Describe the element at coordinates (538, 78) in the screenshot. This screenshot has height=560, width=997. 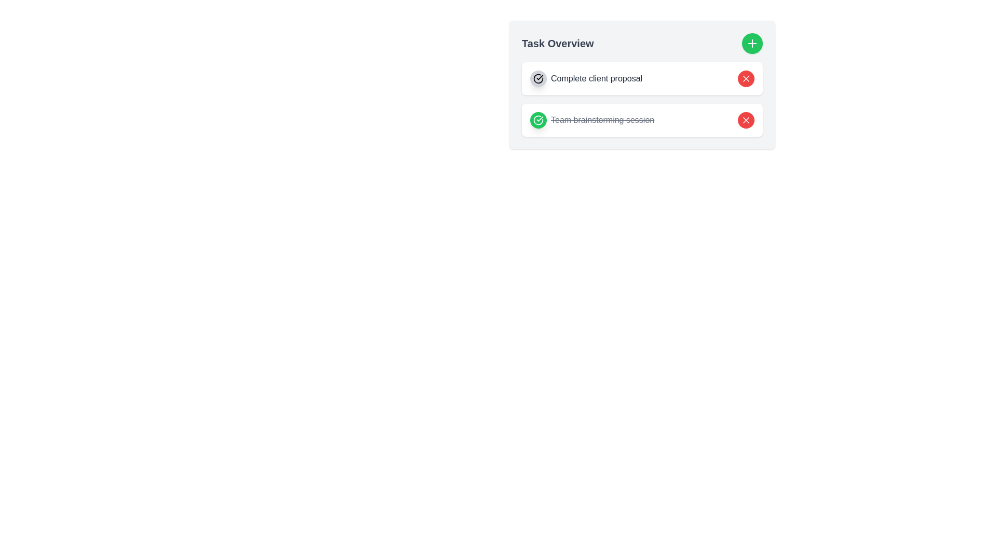
I see `the circular outline of the checkmark icon located next to the text 'Team brainstorming session' in the second list item` at that location.